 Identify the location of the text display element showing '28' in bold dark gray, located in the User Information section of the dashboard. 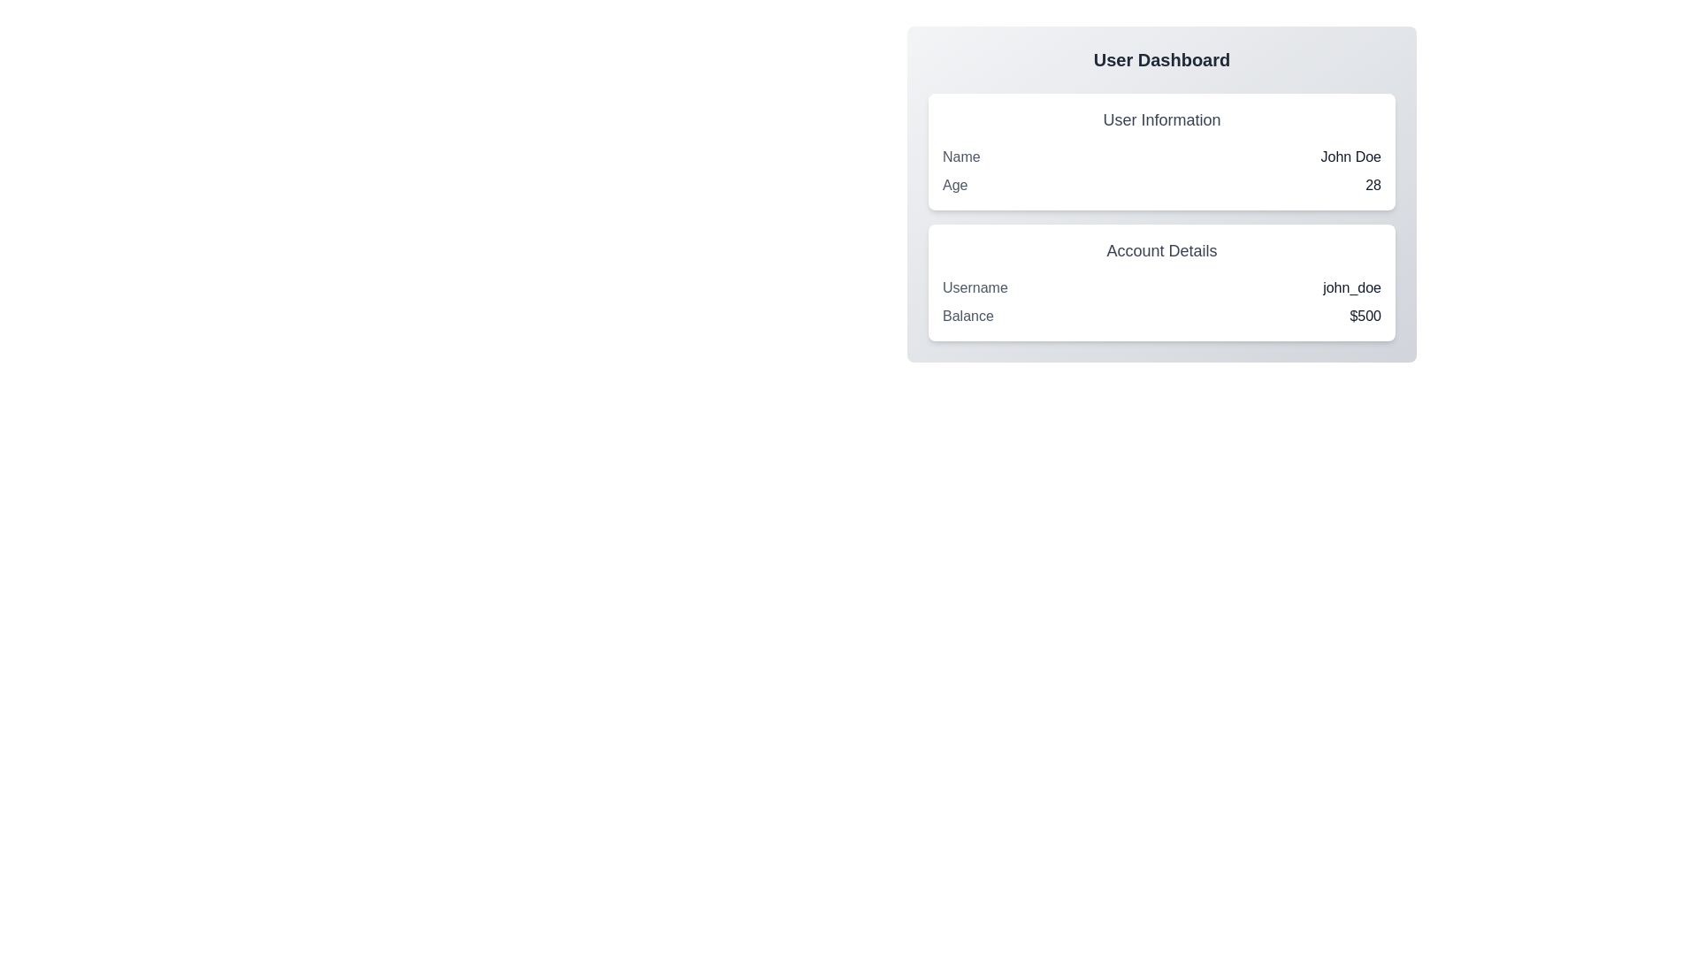
(1373, 185).